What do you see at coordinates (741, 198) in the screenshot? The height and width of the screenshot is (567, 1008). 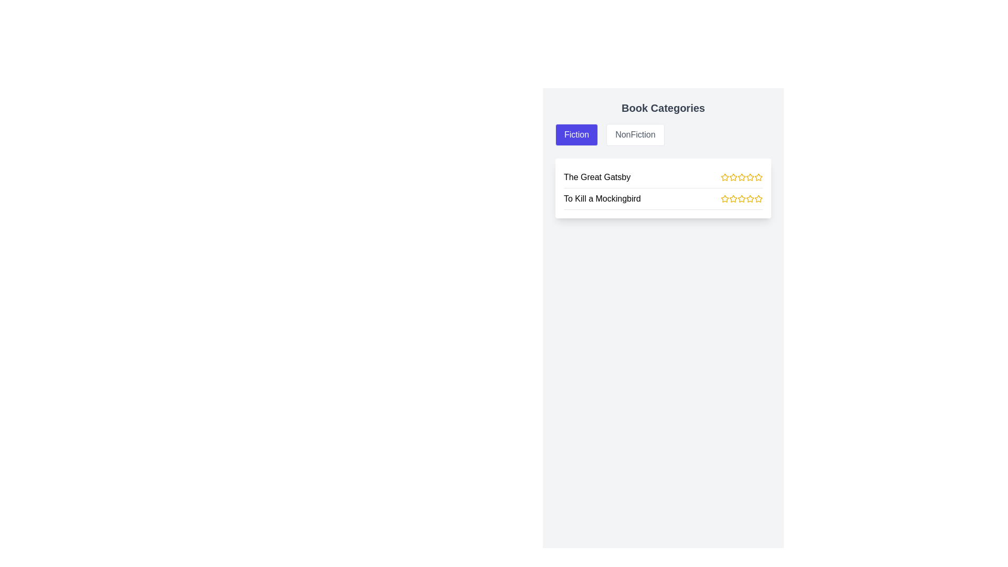 I see `the third yellow star in the rating system of the 'To Kill a Mockingbird' entry` at bounding box center [741, 198].